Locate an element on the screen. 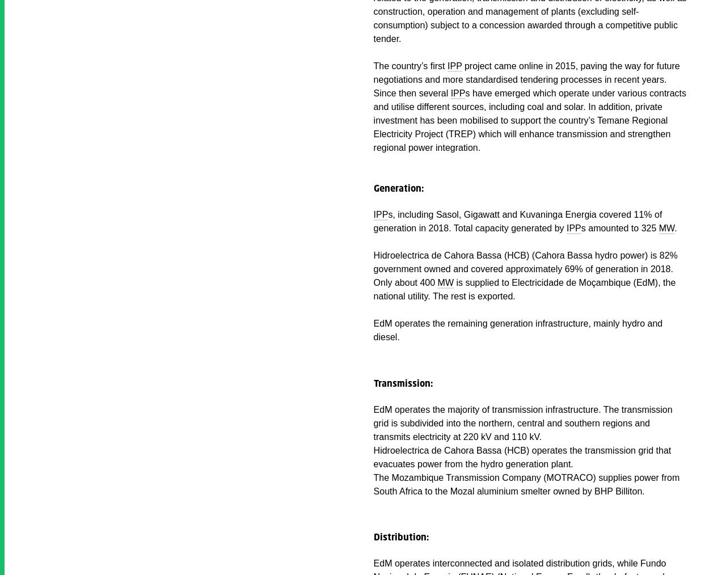  '.' is located at coordinates (676, 227).